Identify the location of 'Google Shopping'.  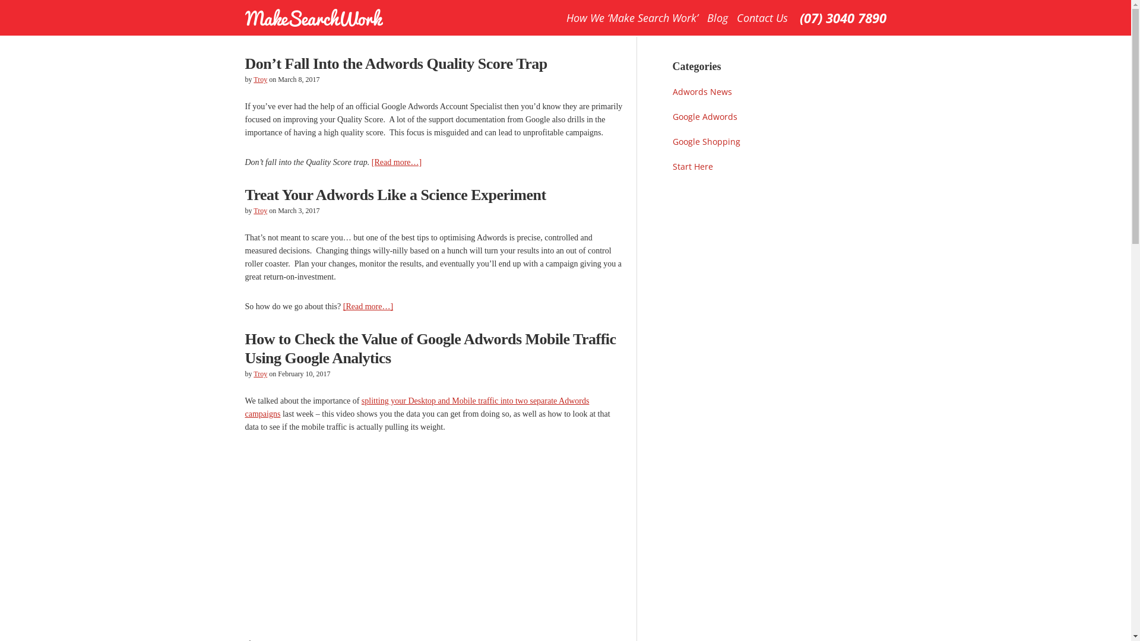
(672, 141).